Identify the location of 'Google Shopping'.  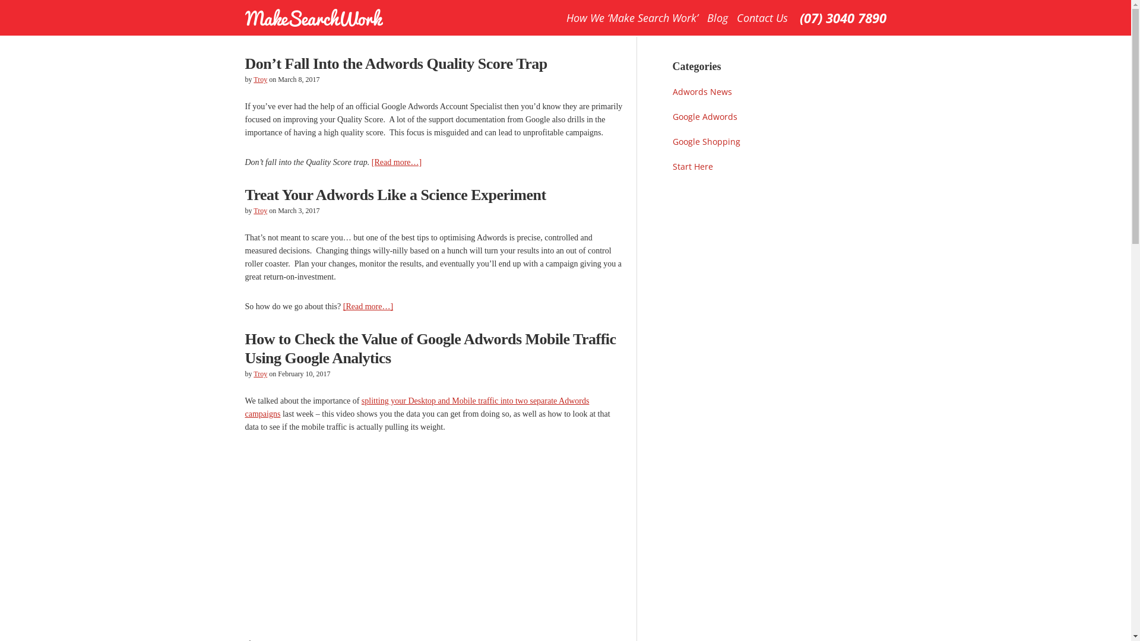
(672, 141).